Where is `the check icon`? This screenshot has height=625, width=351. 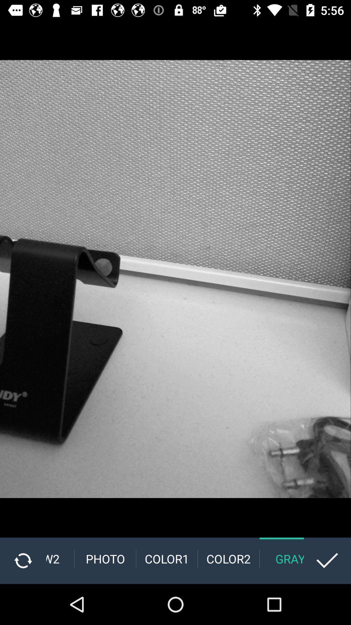
the check icon is located at coordinates (327, 560).